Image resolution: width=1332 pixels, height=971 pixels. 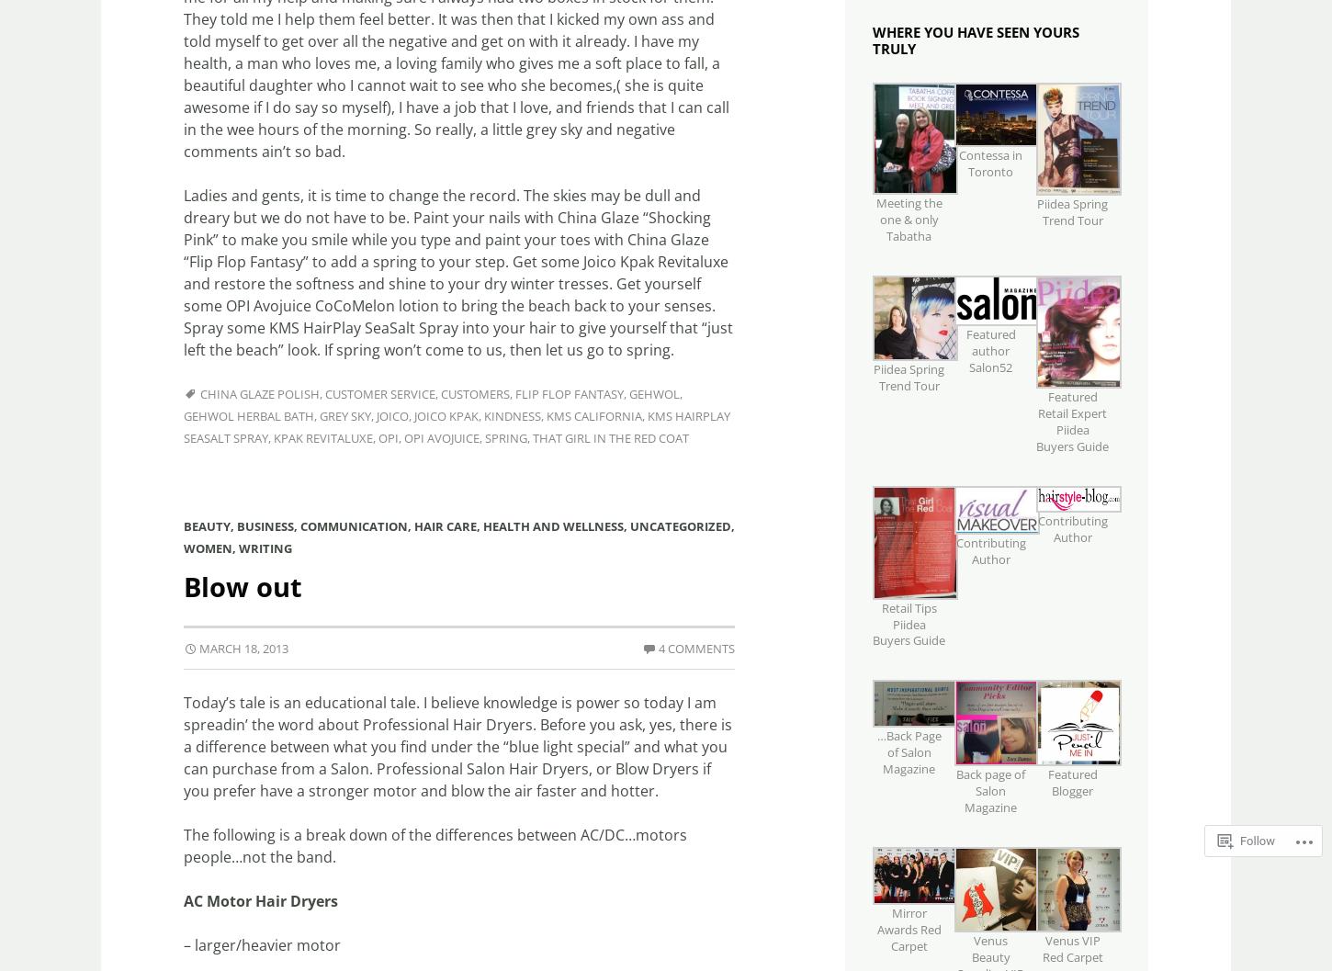 I want to click on 'Business', so click(x=265, y=525).